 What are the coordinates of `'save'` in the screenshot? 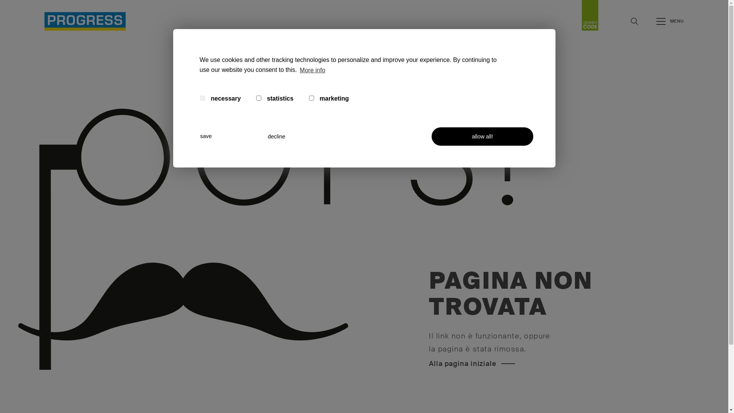 It's located at (228, 136).